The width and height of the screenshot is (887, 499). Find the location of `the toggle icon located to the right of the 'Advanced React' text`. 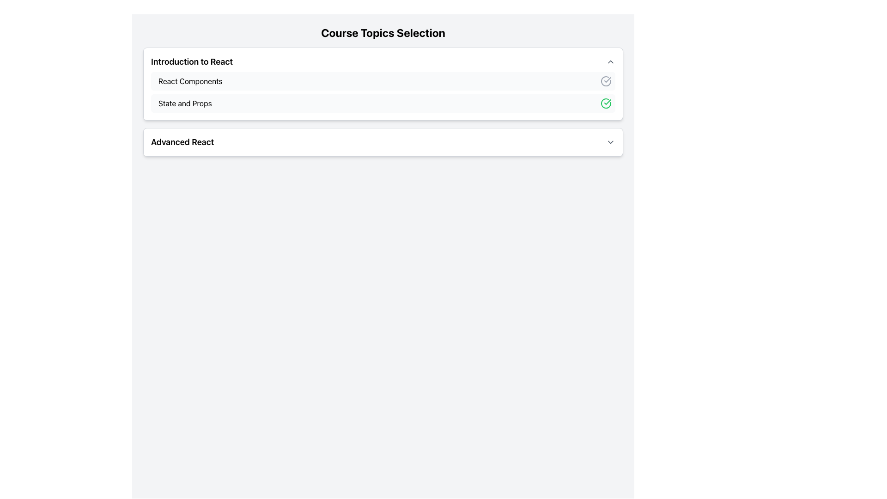

the toggle icon located to the right of the 'Advanced React' text is located at coordinates (610, 142).